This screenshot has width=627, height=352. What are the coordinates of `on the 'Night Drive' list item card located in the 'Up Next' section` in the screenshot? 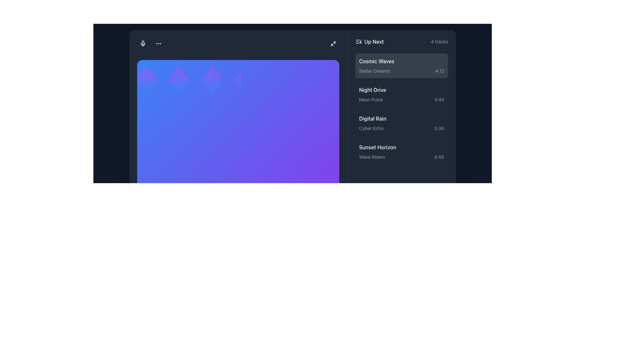 It's located at (401, 94).